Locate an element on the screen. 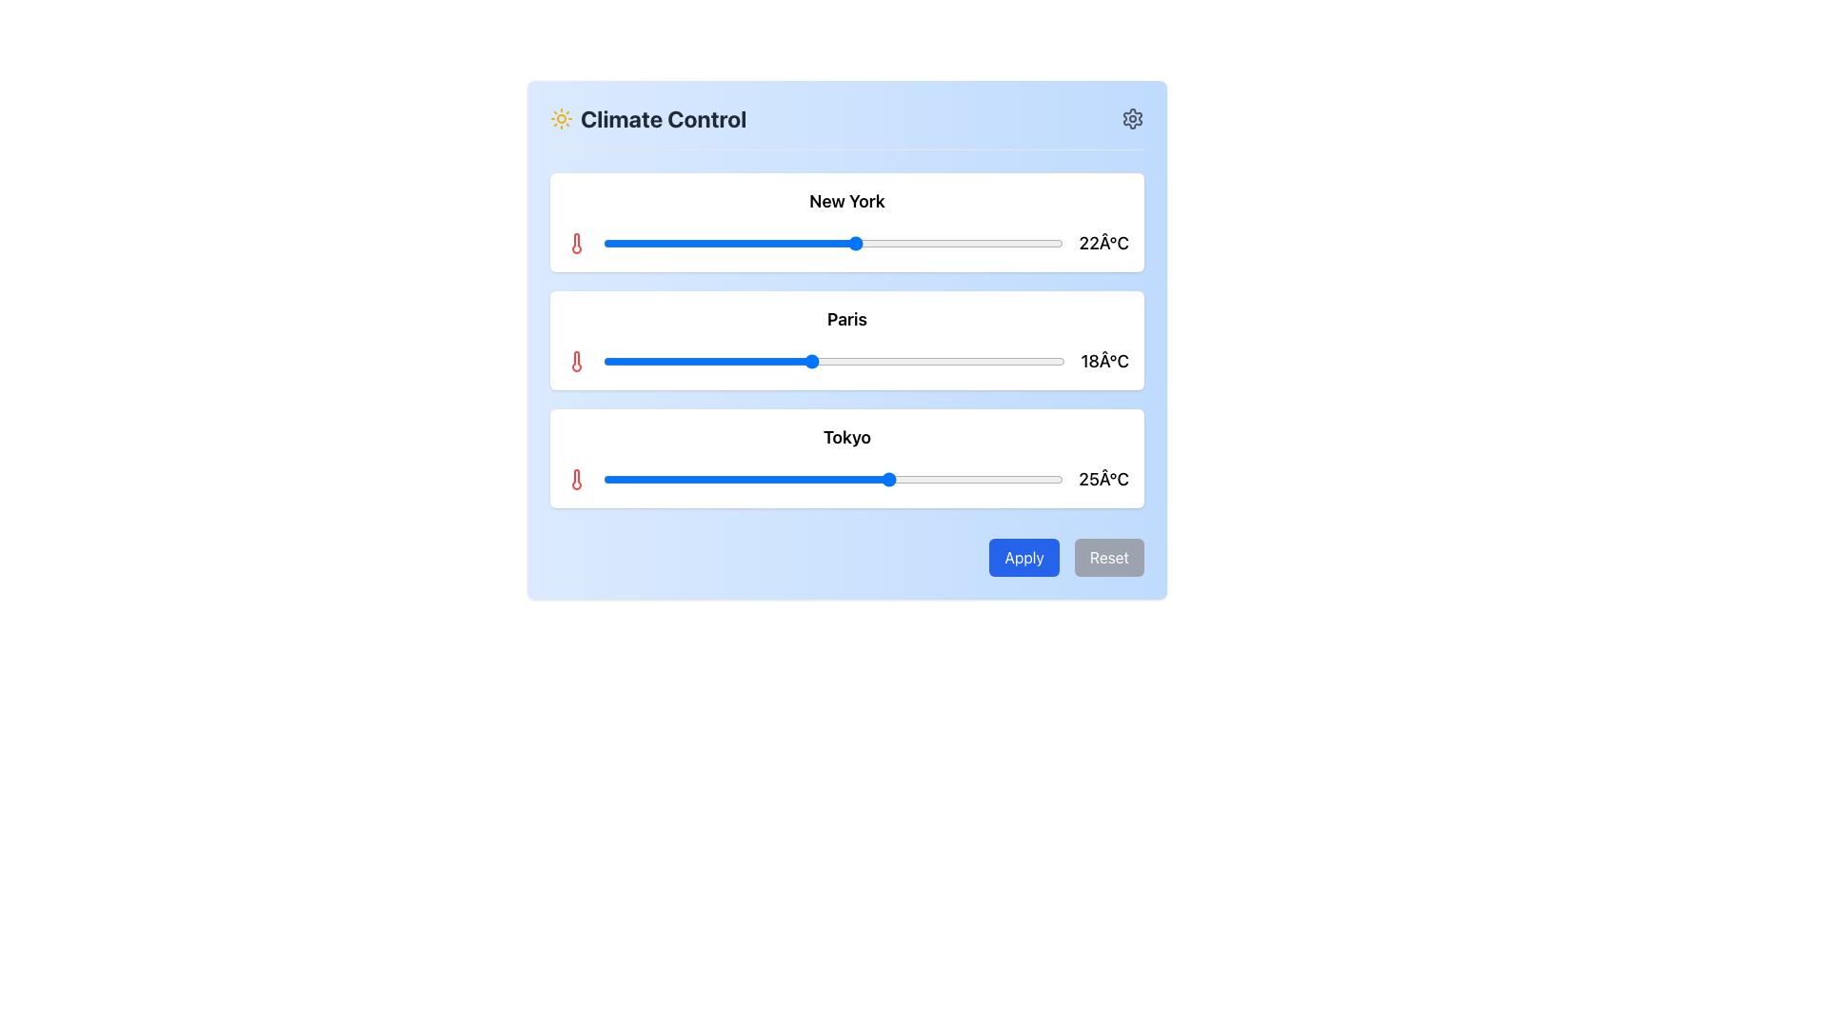 The image size is (1828, 1028). the Paris temperature slider is located at coordinates (729, 362).